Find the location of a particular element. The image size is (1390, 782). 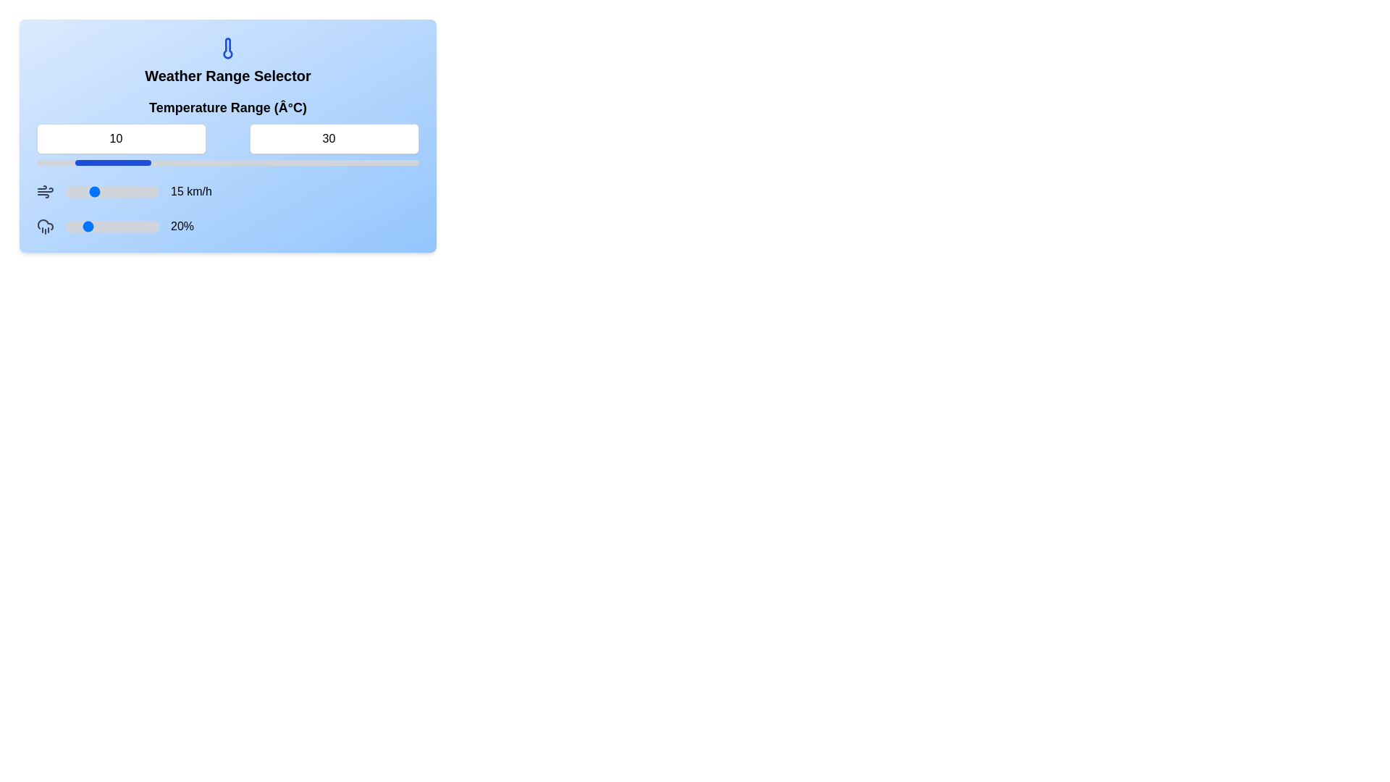

the wind speed is located at coordinates (65, 191).